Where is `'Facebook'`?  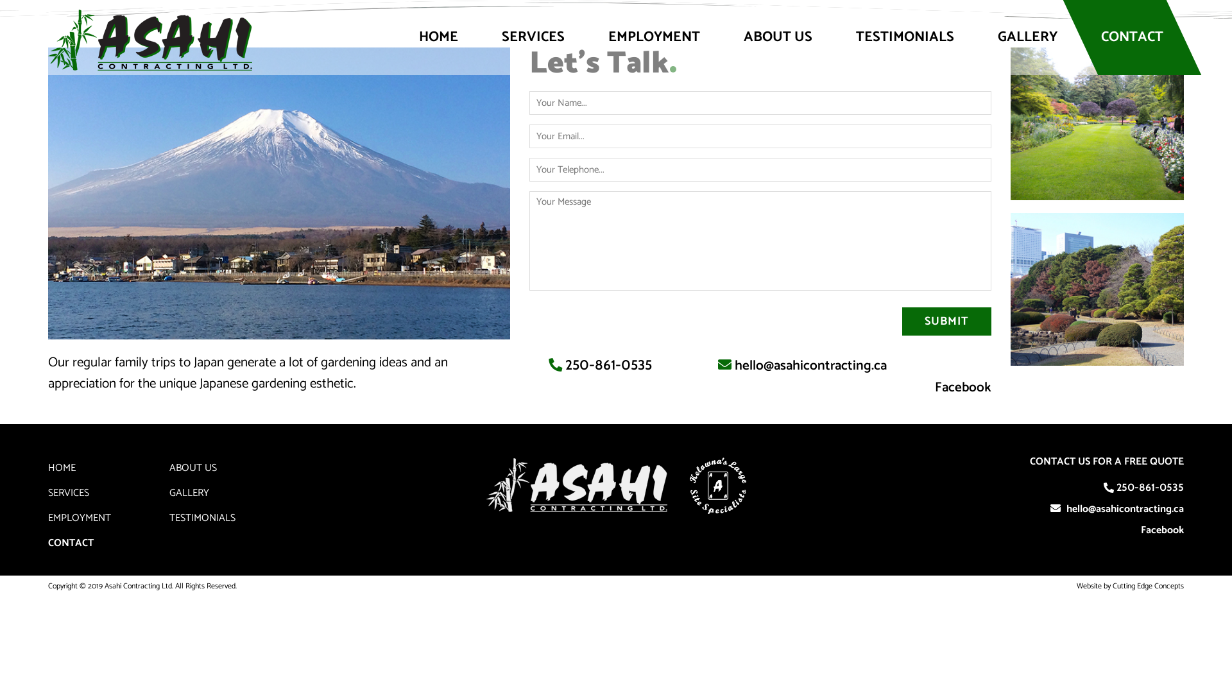
'Facebook' is located at coordinates (963, 387).